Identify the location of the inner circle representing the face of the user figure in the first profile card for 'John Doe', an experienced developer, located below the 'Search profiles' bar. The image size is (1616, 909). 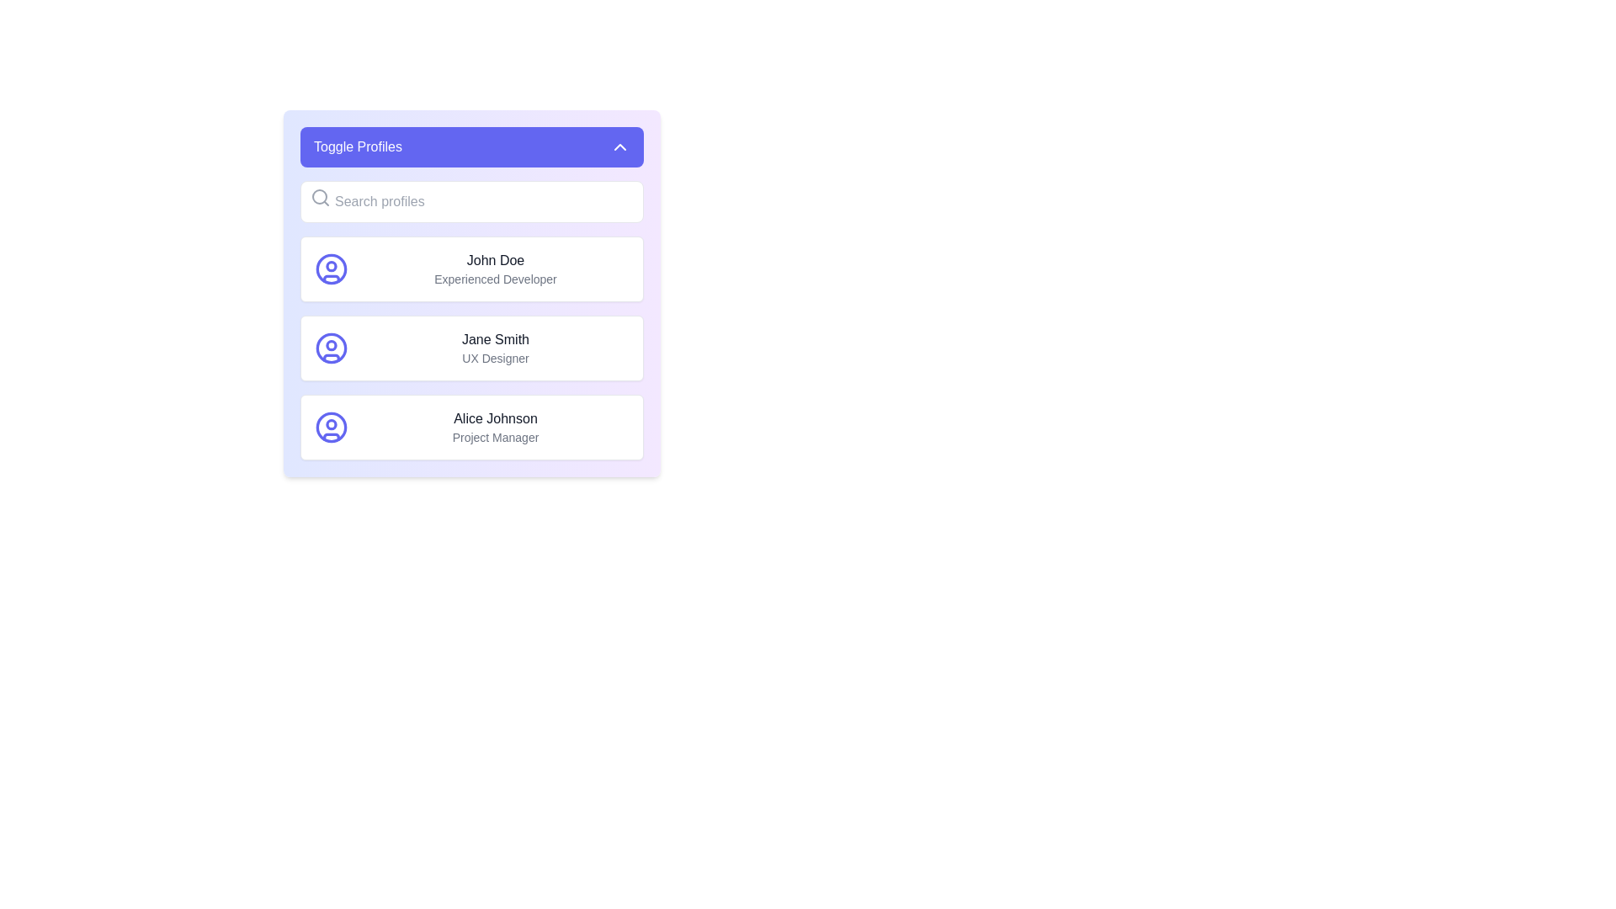
(331, 265).